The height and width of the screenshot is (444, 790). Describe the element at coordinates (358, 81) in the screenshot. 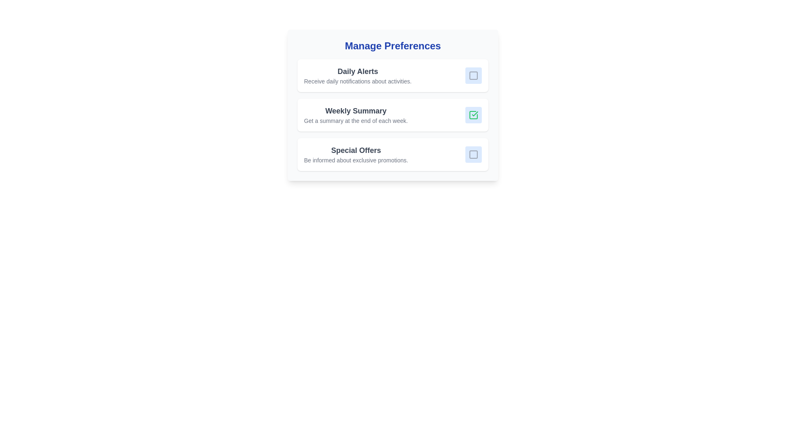

I see `descriptive text element that contains the text 'Receive daily notifications about activities.' positioned beneath the header 'Daily Alerts' in the 'Manage Preferences' section` at that location.